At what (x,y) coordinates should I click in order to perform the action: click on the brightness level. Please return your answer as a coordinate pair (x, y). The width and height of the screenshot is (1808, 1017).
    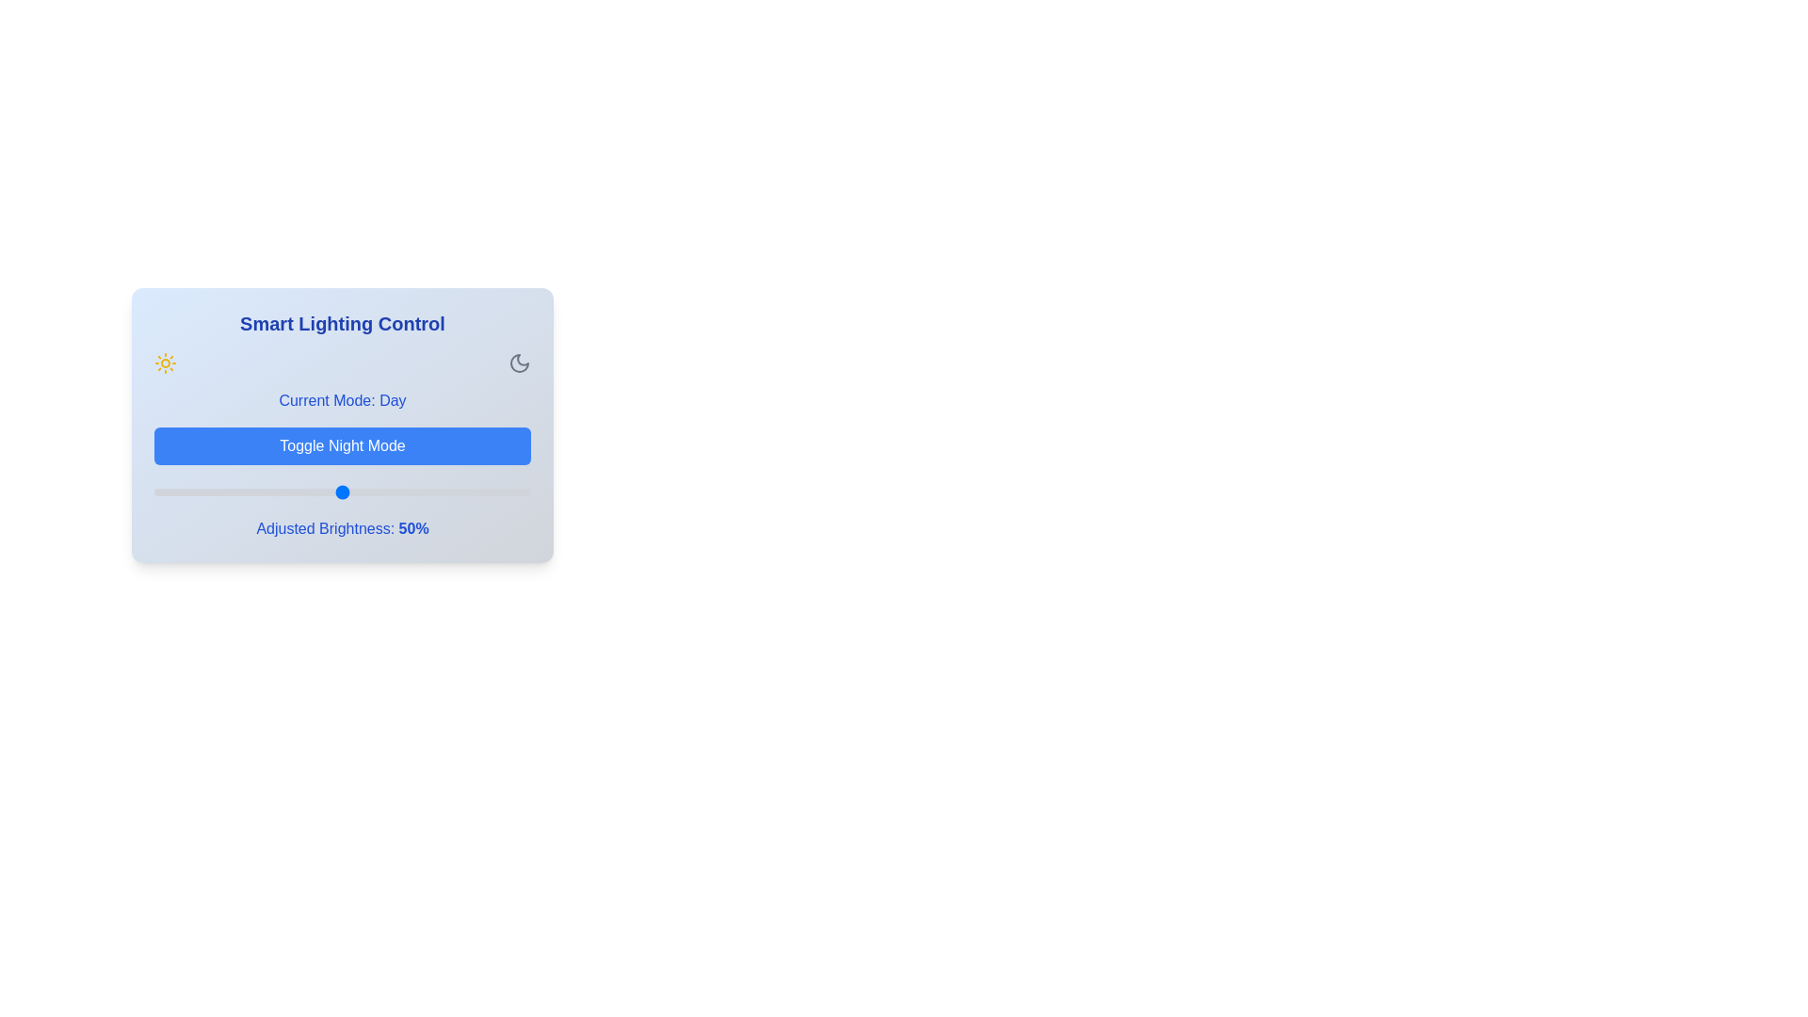
    Looking at the image, I should click on (176, 492).